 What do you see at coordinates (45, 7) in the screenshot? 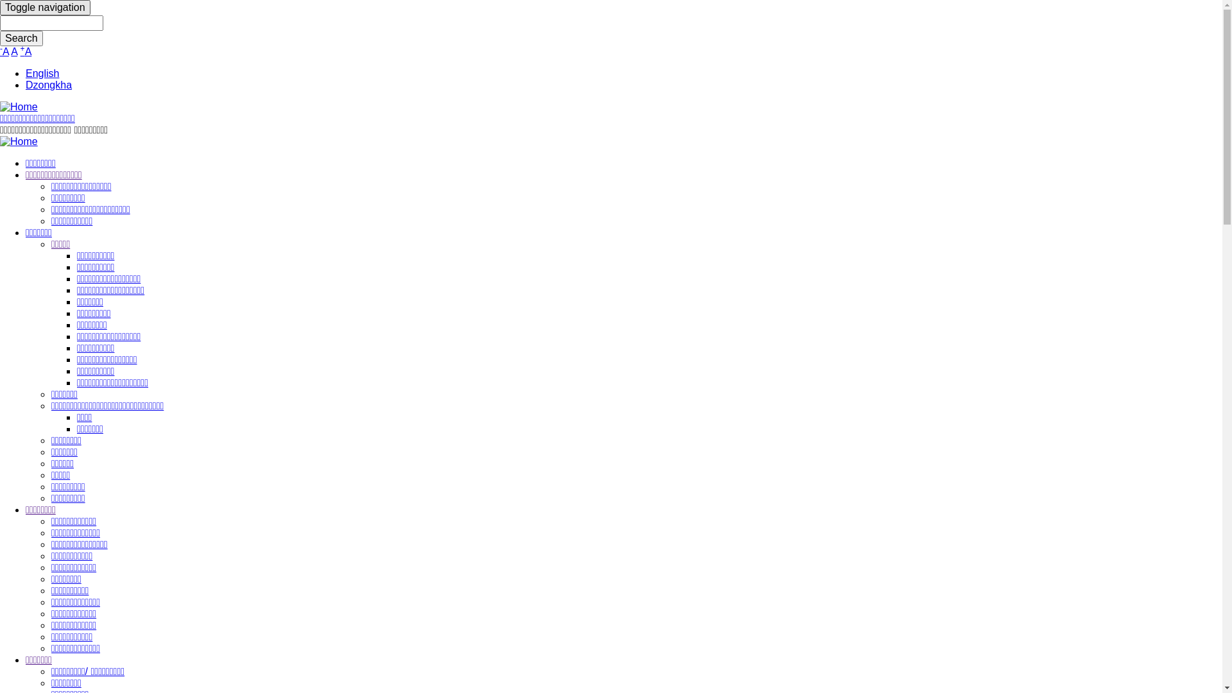
I see `'Toggle navigation'` at bounding box center [45, 7].